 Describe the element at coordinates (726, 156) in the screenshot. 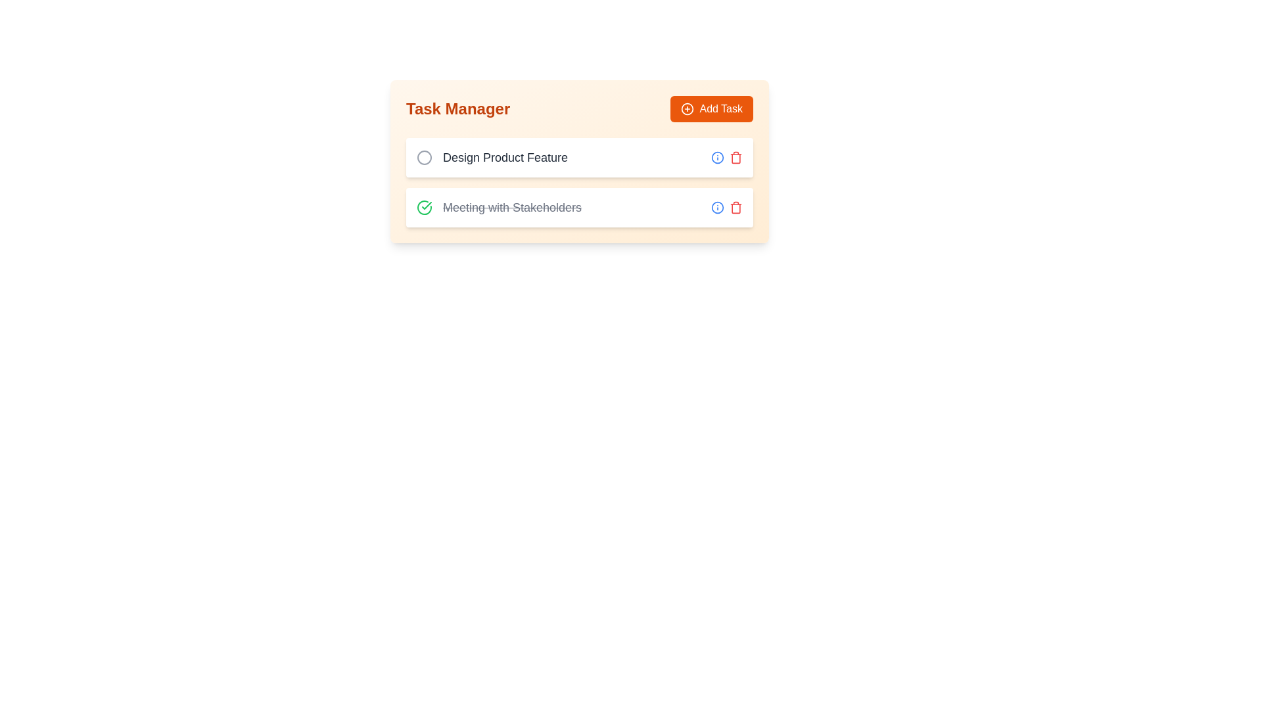

I see `the Button Group located in the right section of the list item labeled 'Design Product Feature'` at that location.